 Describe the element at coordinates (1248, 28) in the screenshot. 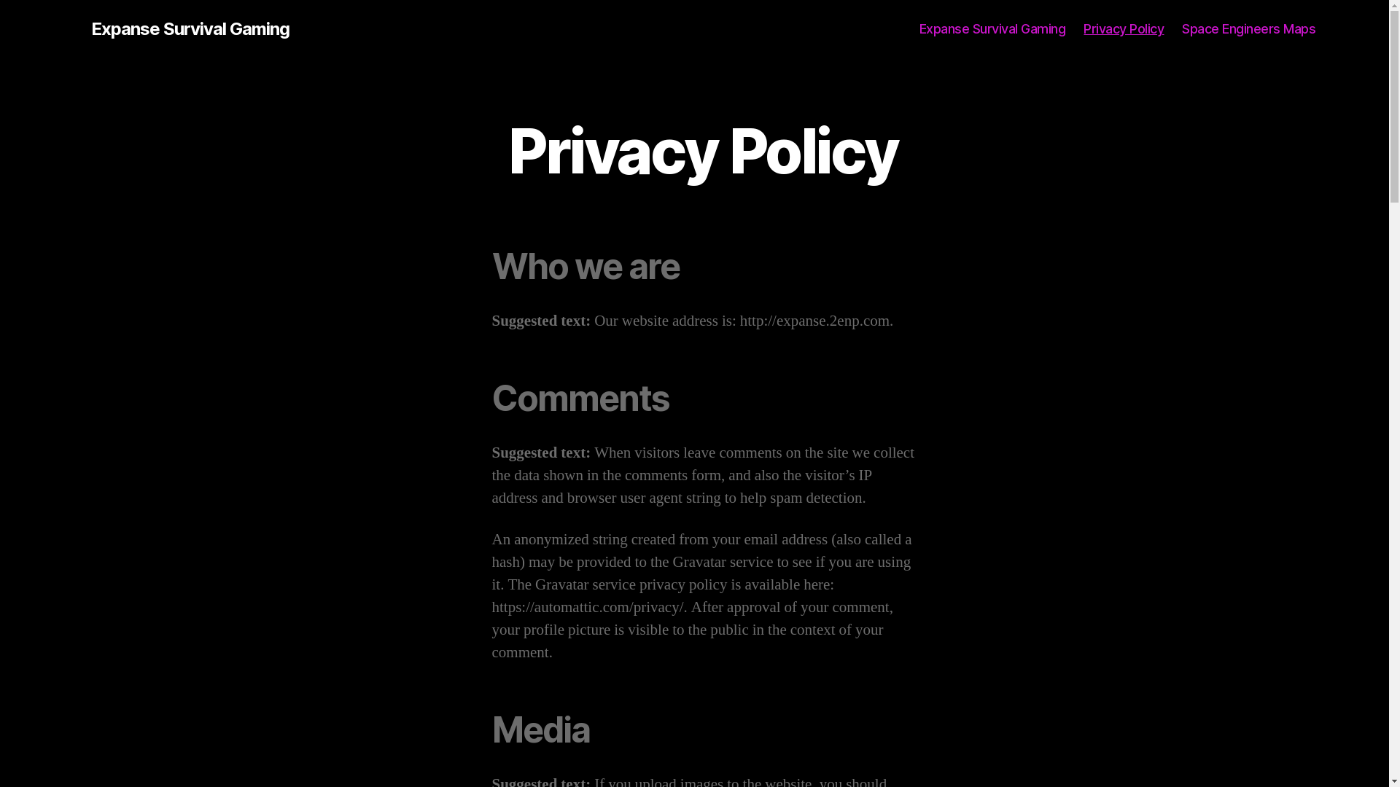

I see `'Space Engineers Maps'` at that location.